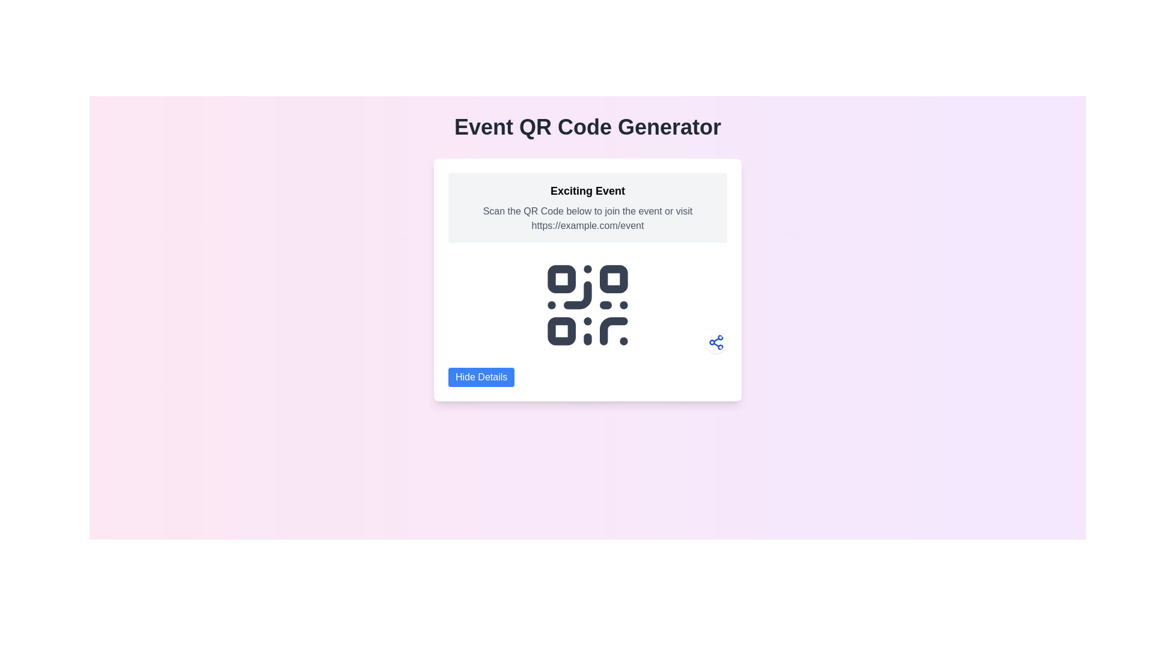 Image resolution: width=1154 pixels, height=649 pixels. What do you see at coordinates (481, 377) in the screenshot?
I see `the button` at bounding box center [481, 377].